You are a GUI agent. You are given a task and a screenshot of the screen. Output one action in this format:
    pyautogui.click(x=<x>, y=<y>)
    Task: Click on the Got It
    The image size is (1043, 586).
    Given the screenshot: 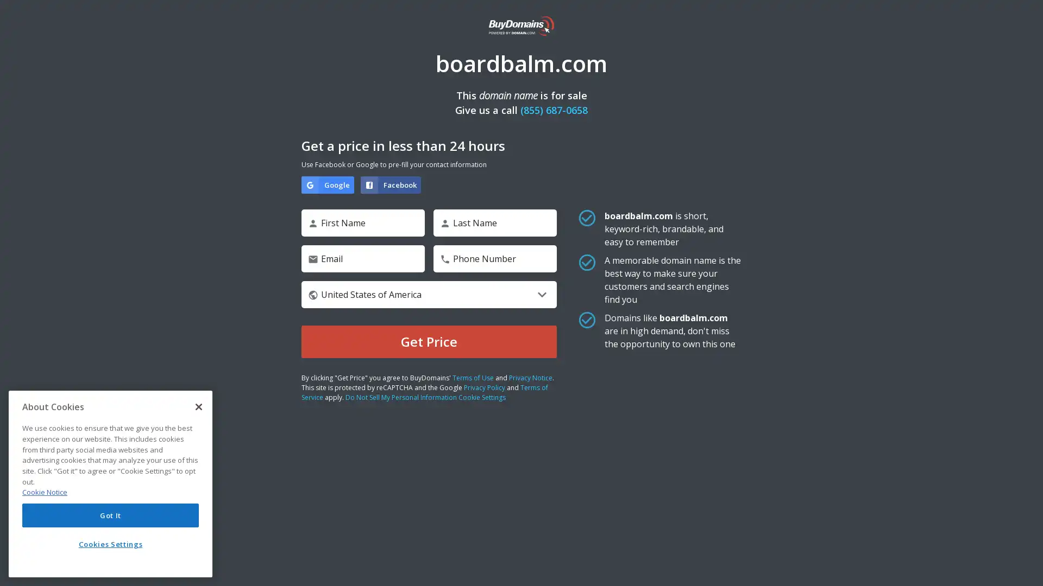 What is the action you would take?
    pyautogui.click(x=110, y=514)
    